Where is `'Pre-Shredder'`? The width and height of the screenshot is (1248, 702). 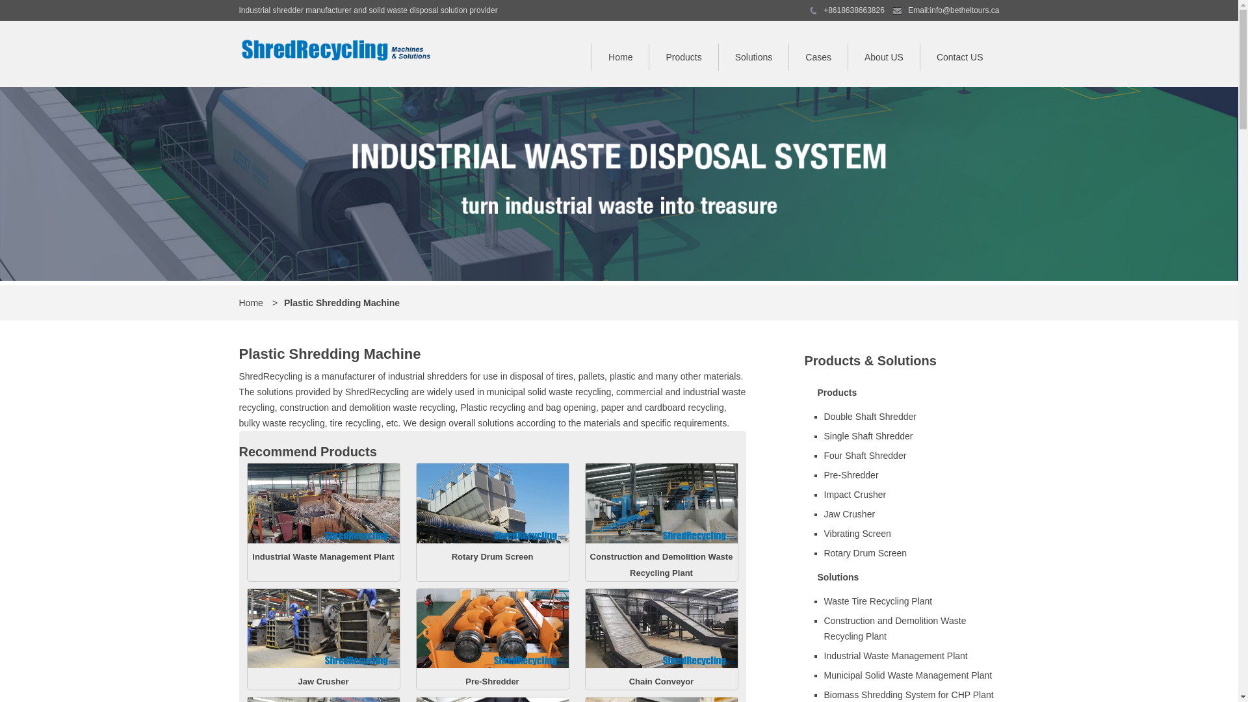 'Pre-Shredder' is located at coordinates (491, 681).